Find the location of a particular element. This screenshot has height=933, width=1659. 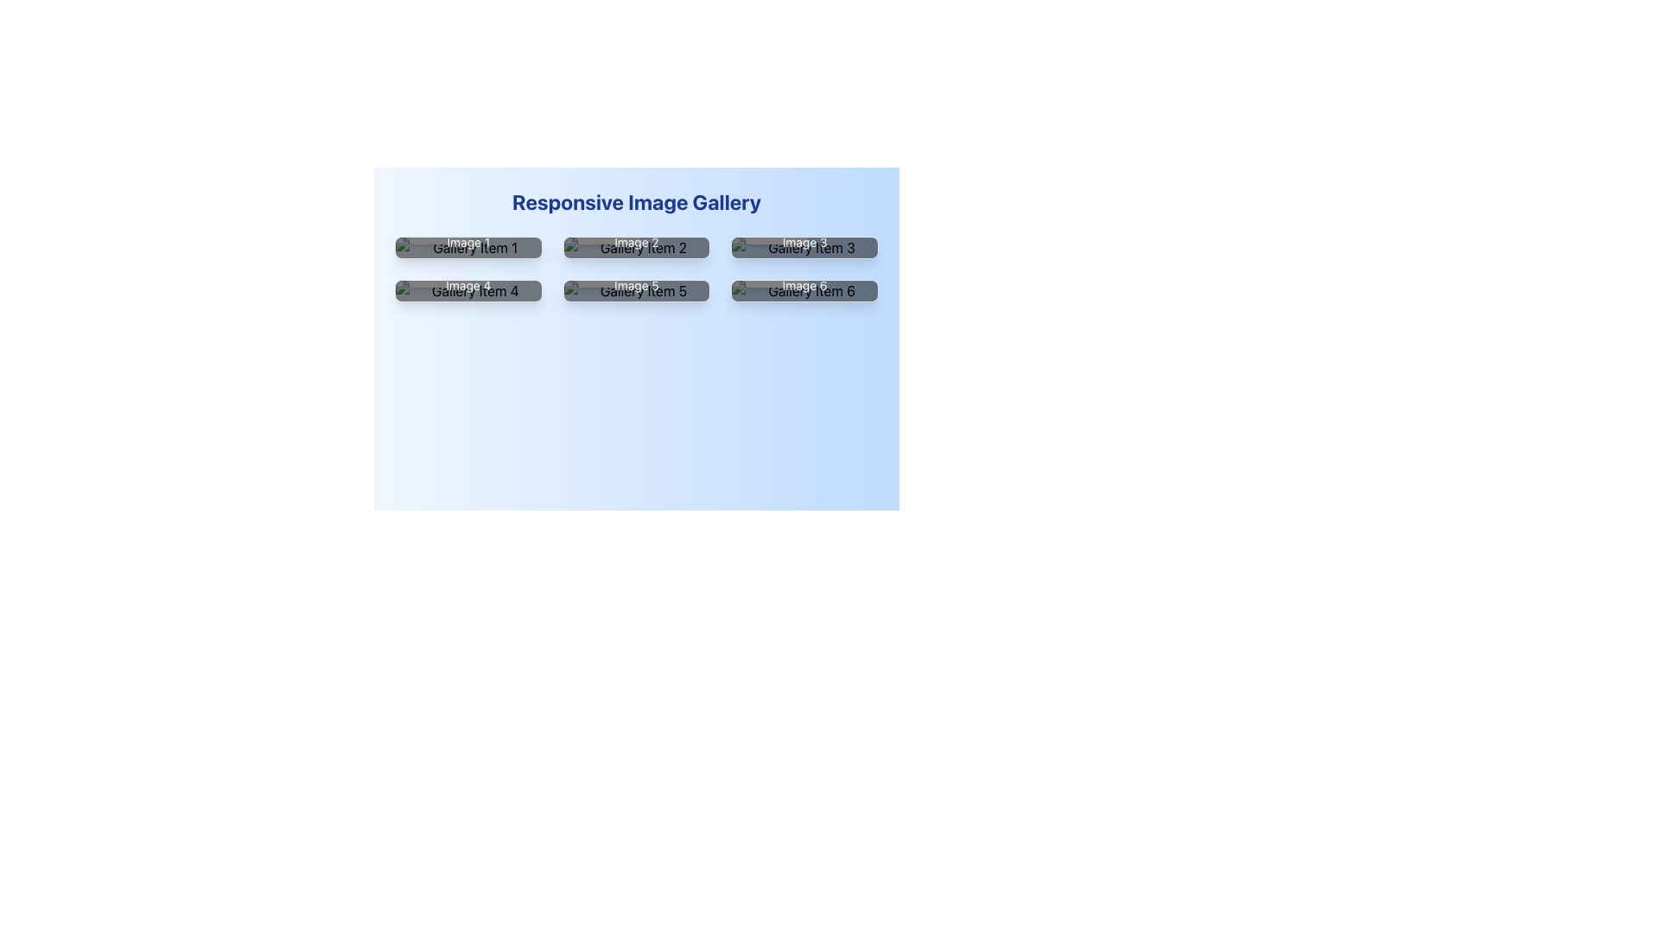

the display element for 'Gallery Item 1', which is located in the top-left corner of the gallery layout is located at coordinates (468, 247).